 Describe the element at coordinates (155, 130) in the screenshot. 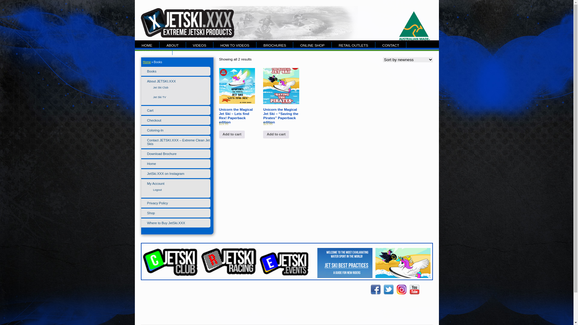

I see `'Coloring-In'` at that location.